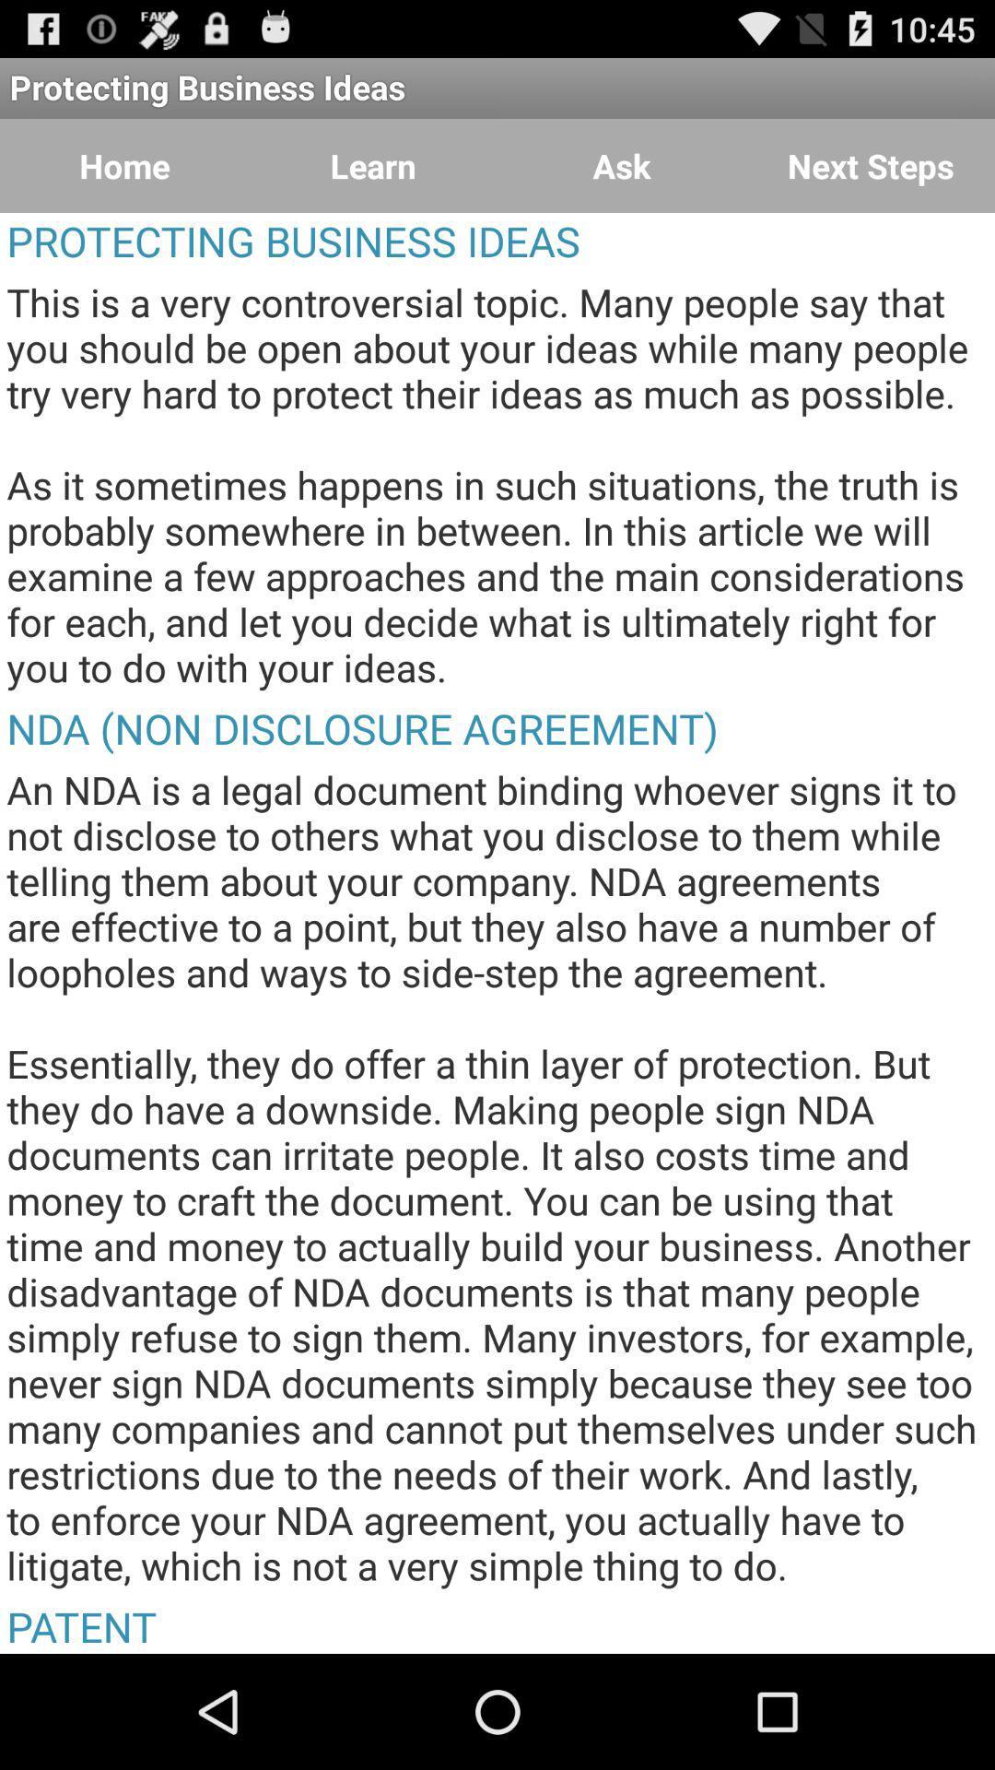  Describe the element at coordinates (124, 166) in the screenshot. I see `the item below the protecting business ideas app` at that location.